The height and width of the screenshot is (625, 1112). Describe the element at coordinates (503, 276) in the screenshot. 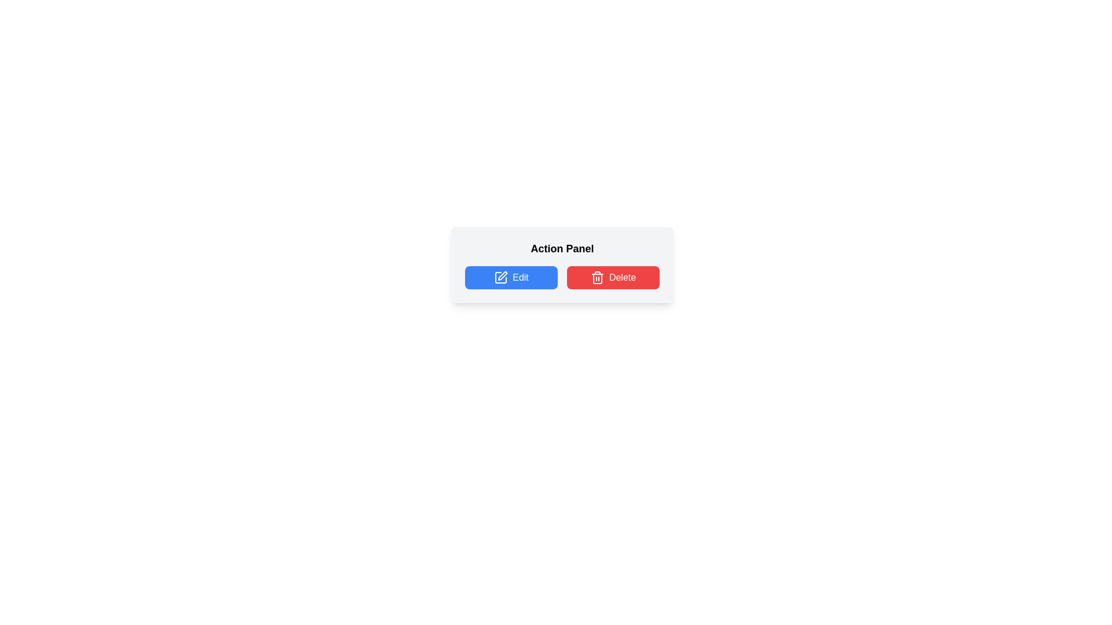

I see `the blue square edit icon within the action panel` at that location.